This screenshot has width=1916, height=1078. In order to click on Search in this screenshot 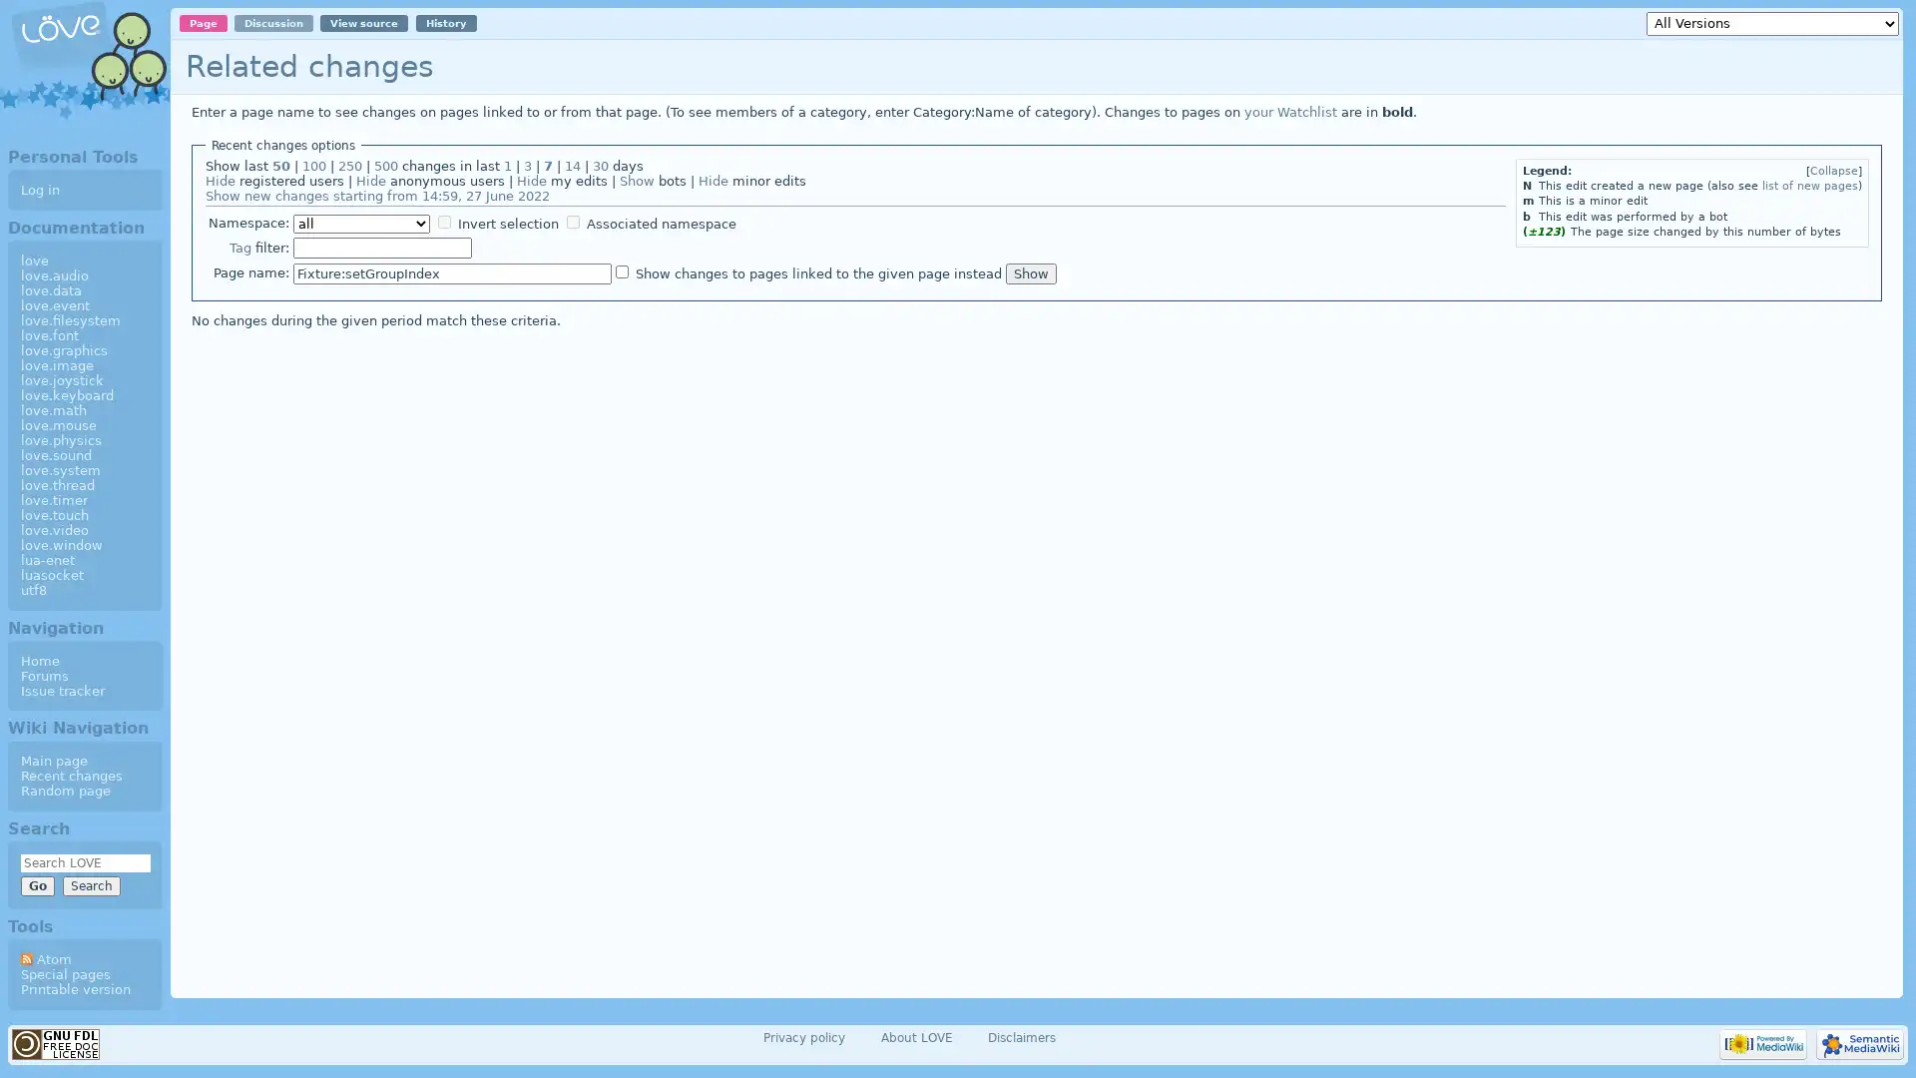, I will do `click(90, 884)`.